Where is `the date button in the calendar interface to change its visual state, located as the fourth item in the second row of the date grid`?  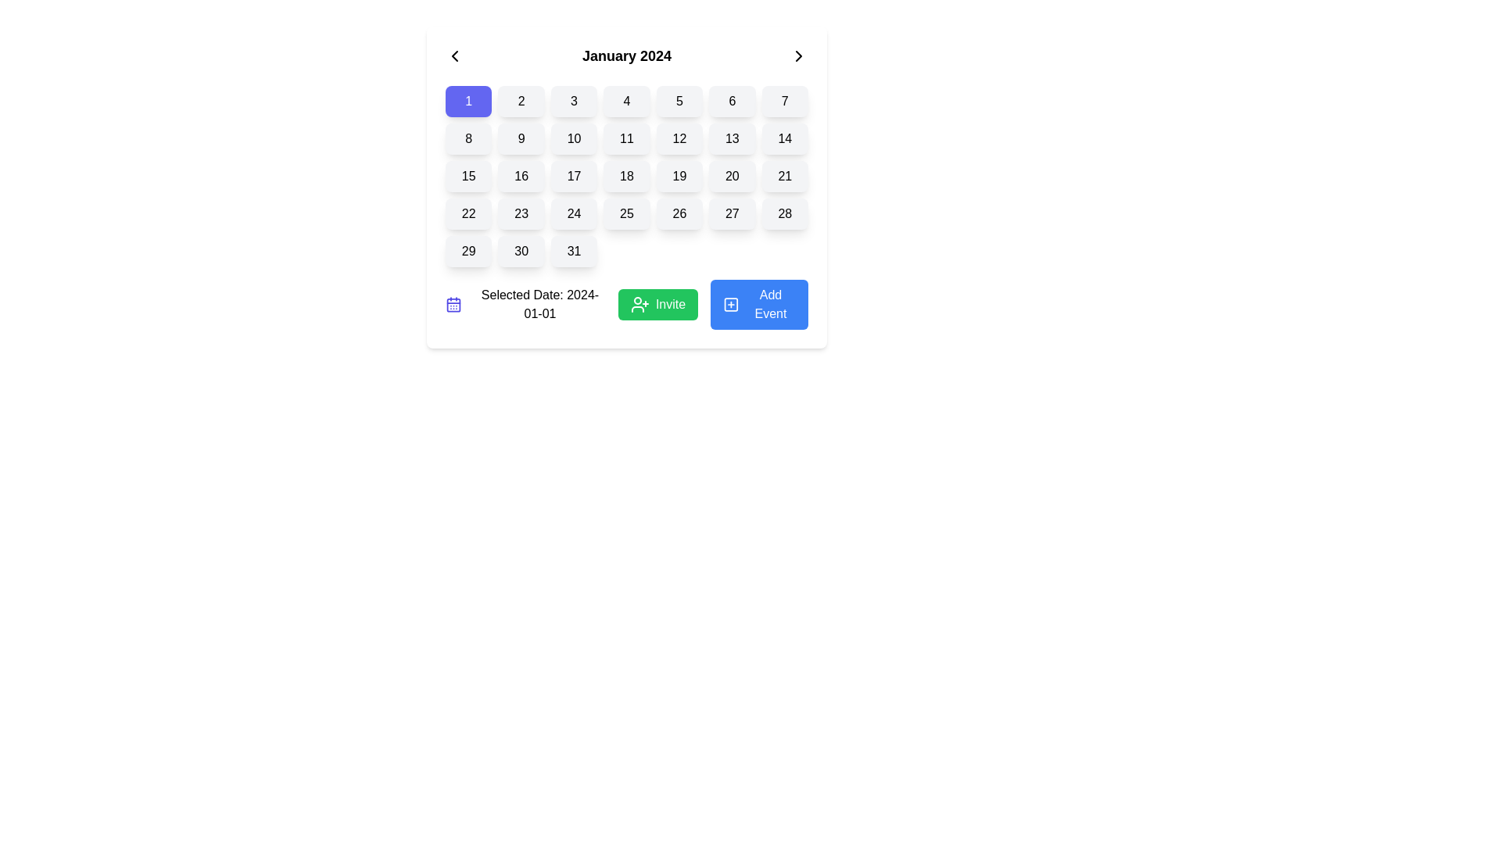 the date button in the calendar interface to change its visual state, located as the fourth item in the second row of the date grid is located at coordinates (626, 138).